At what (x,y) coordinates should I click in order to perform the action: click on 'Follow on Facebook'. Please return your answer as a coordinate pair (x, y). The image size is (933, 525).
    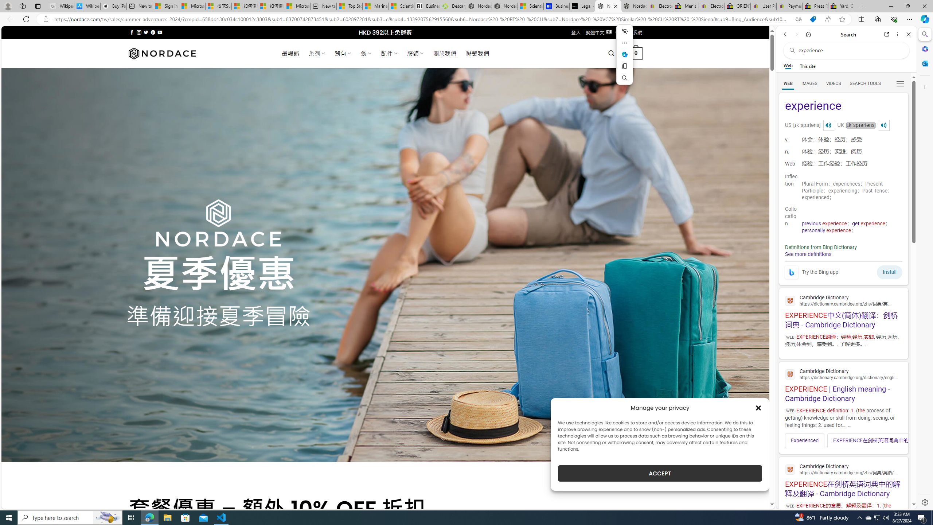
    Looking at the image, I should click on (132, 32).